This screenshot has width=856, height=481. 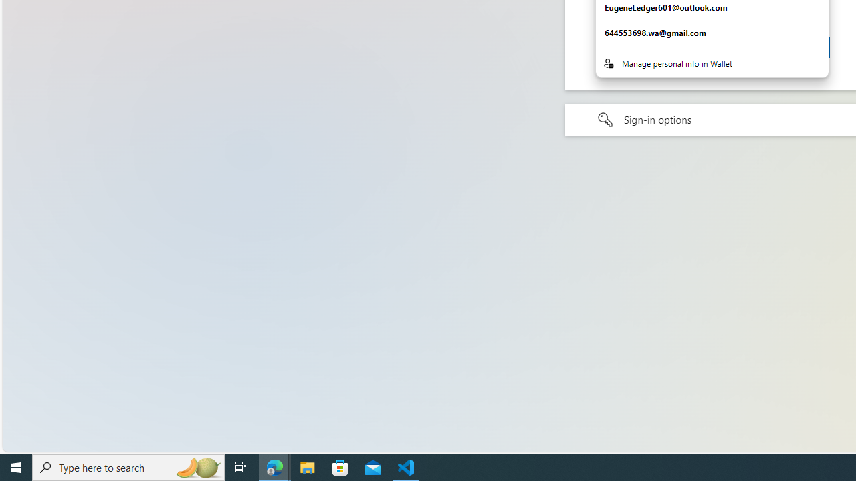 What do you see at coordinates (711, 33) in the screenshot?
I see `'644553698.wa@gmail.com. :Basic info suggestion.'` at bounding box center [711, 33].